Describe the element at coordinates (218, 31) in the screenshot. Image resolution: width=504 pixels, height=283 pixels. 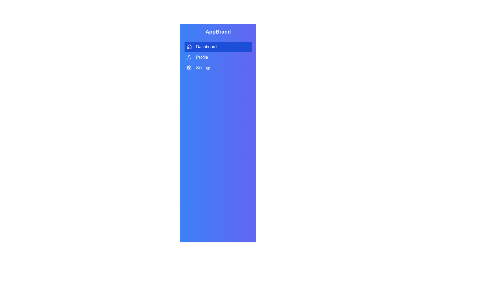
I see `the brand header text label at the top-center of the sidebar, which serves as the title for the application` at that location.